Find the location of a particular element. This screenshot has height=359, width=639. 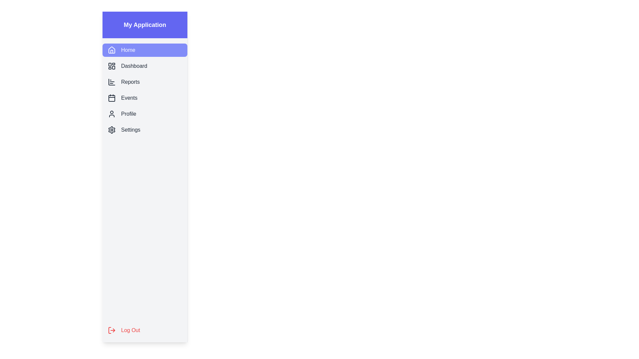

the logout icon which features a left-pointing arrow, indicating an exit or logout action is located at coordinates (114, 330).